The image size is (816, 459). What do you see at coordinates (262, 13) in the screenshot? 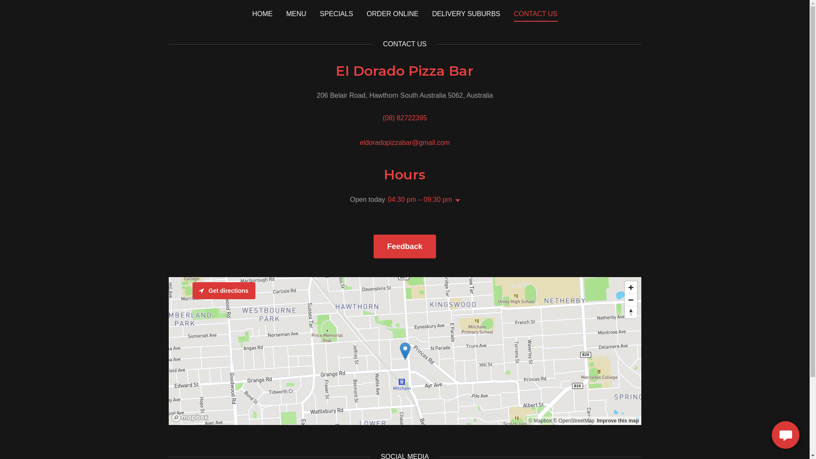
I see `'HOME'` at bounding box center [262, 13].